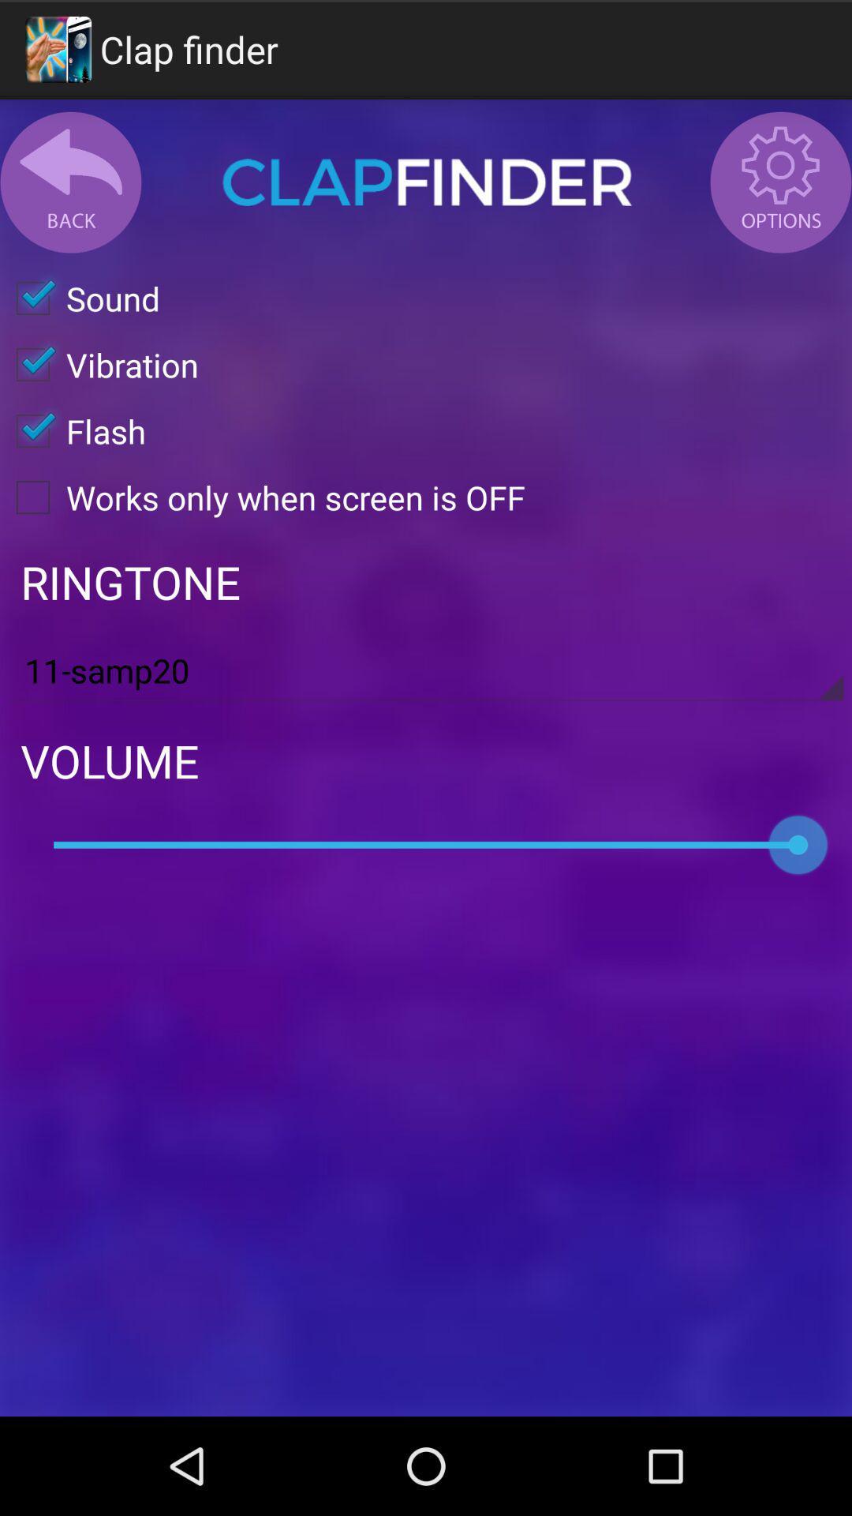 This screenshot has width=852, height=1516. Describe the element at coordinates (73, 431) in the screenshot. I see `checkbox below the vibration checkbox` at that location.